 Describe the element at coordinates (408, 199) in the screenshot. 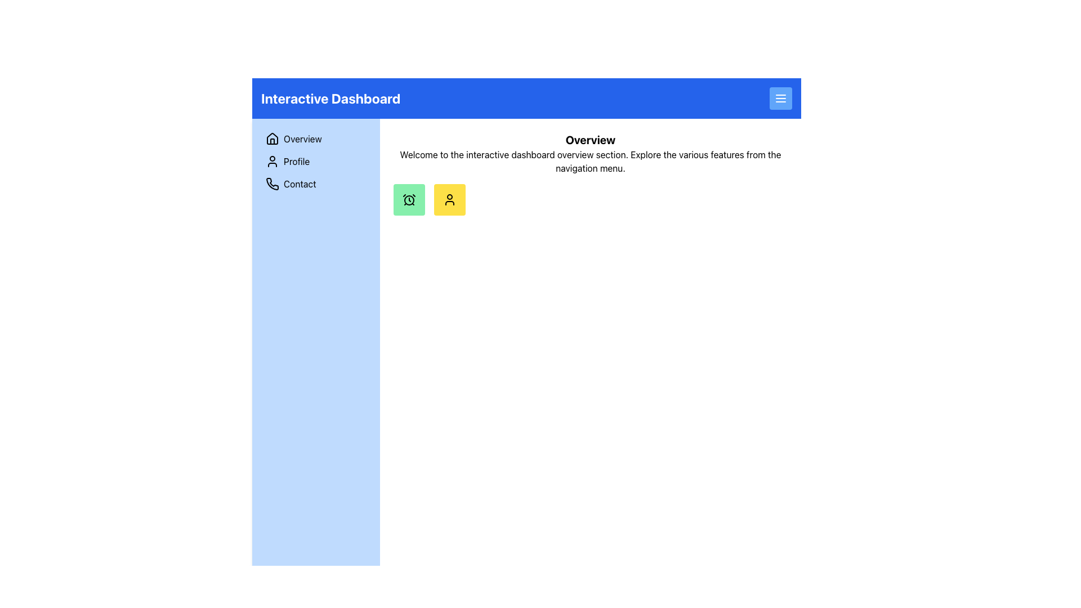

I see `the time-related button with the alarm clock icon, which is the leftmost button in a horizontal arrangement near the top-right of the main content section` at that location.